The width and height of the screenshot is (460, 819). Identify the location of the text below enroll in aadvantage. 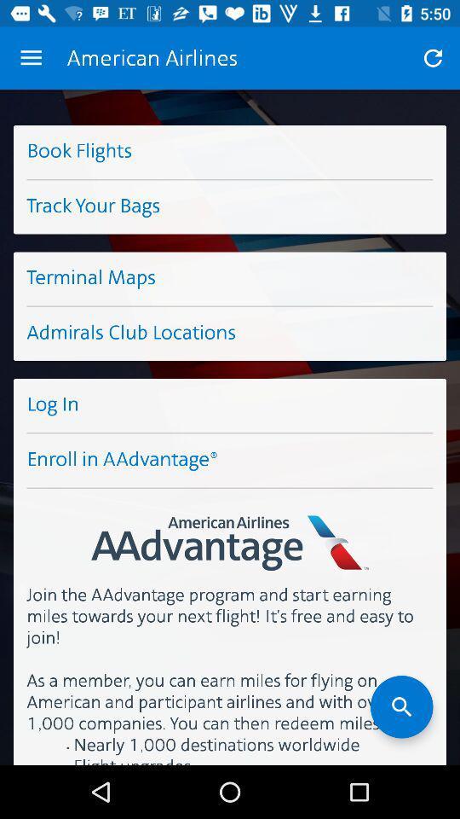
(230, 529).